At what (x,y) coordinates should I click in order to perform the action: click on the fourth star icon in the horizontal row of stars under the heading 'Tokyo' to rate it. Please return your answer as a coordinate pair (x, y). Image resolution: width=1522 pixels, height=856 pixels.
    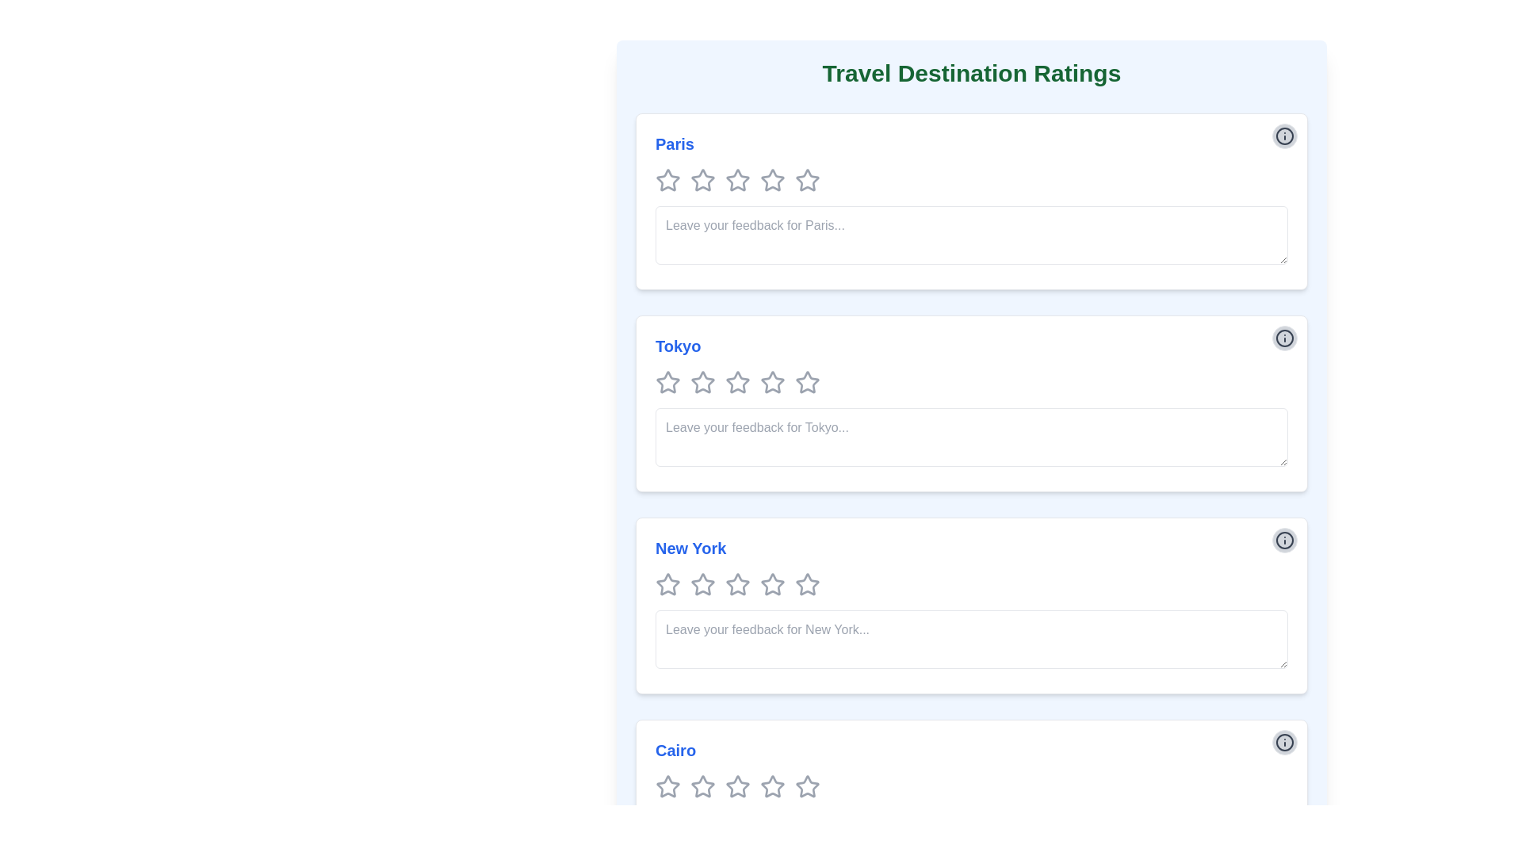
    Looking at the image, I should click on (807, 382).